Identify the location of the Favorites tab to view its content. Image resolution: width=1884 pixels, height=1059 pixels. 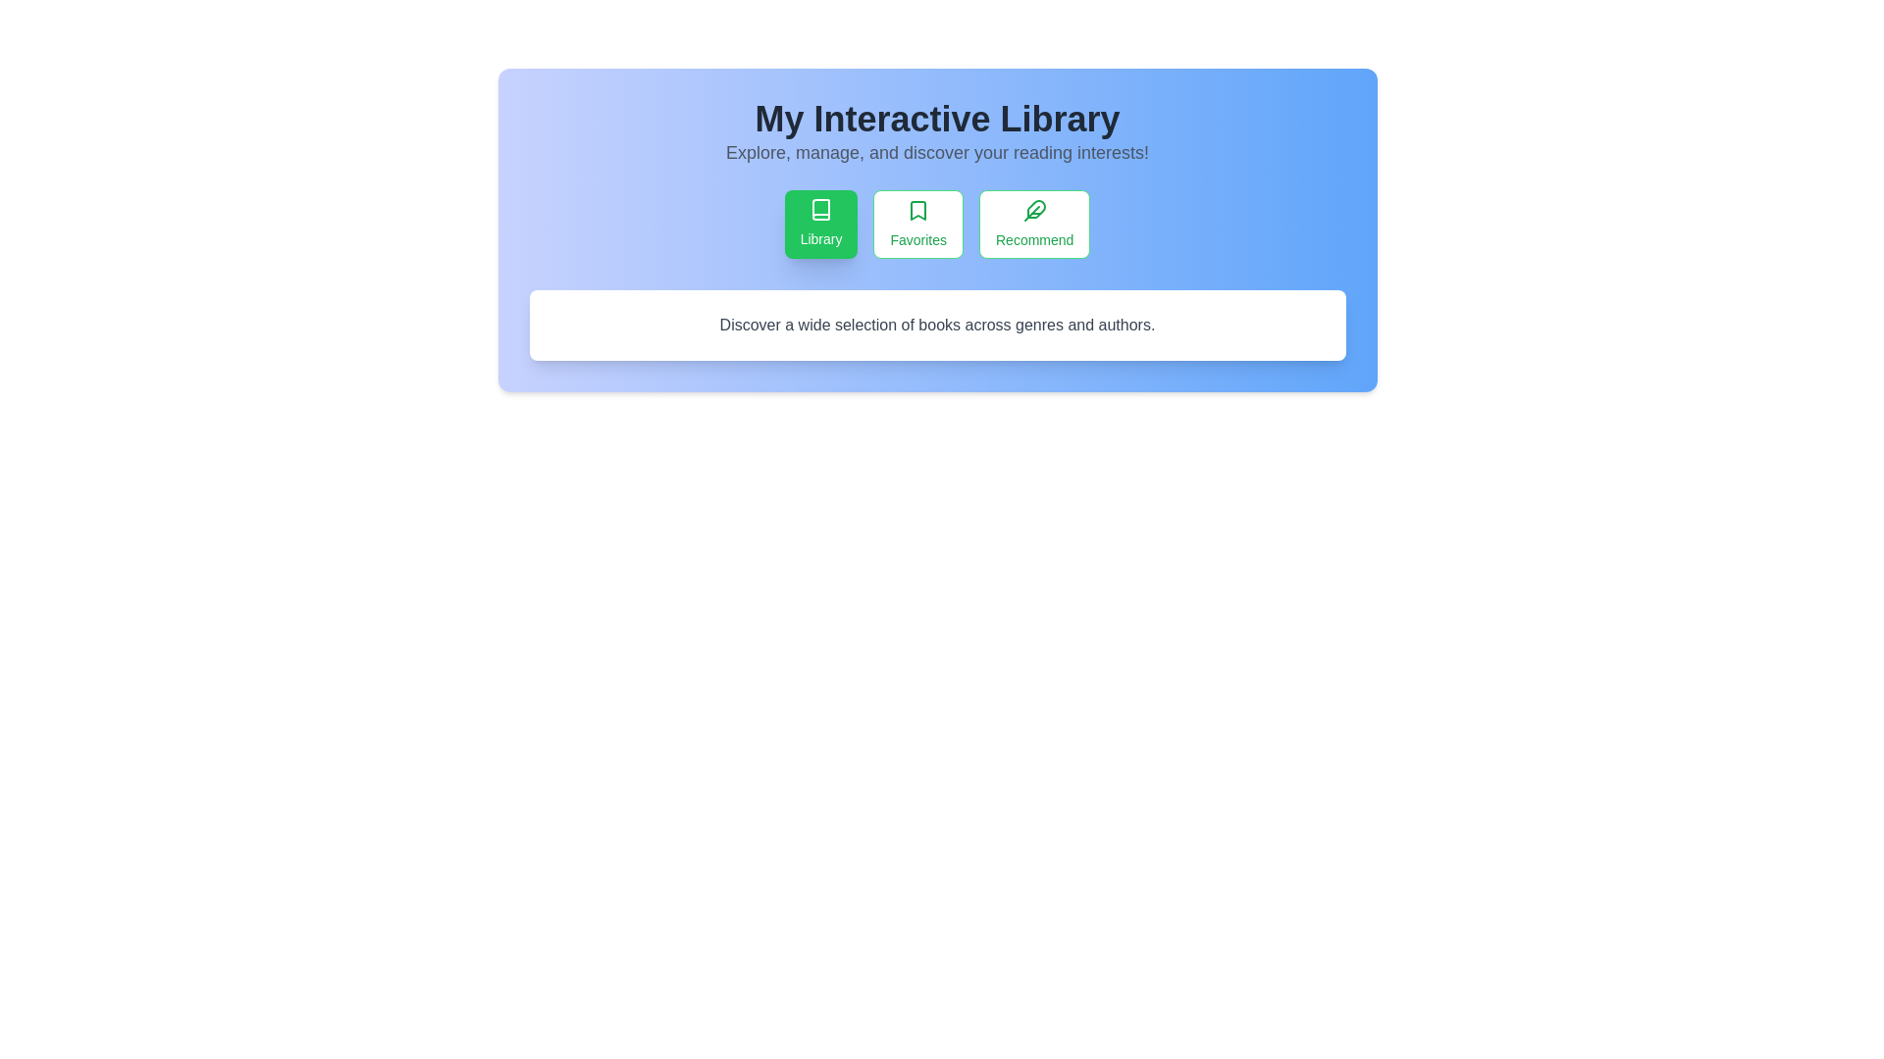
(917, 223).